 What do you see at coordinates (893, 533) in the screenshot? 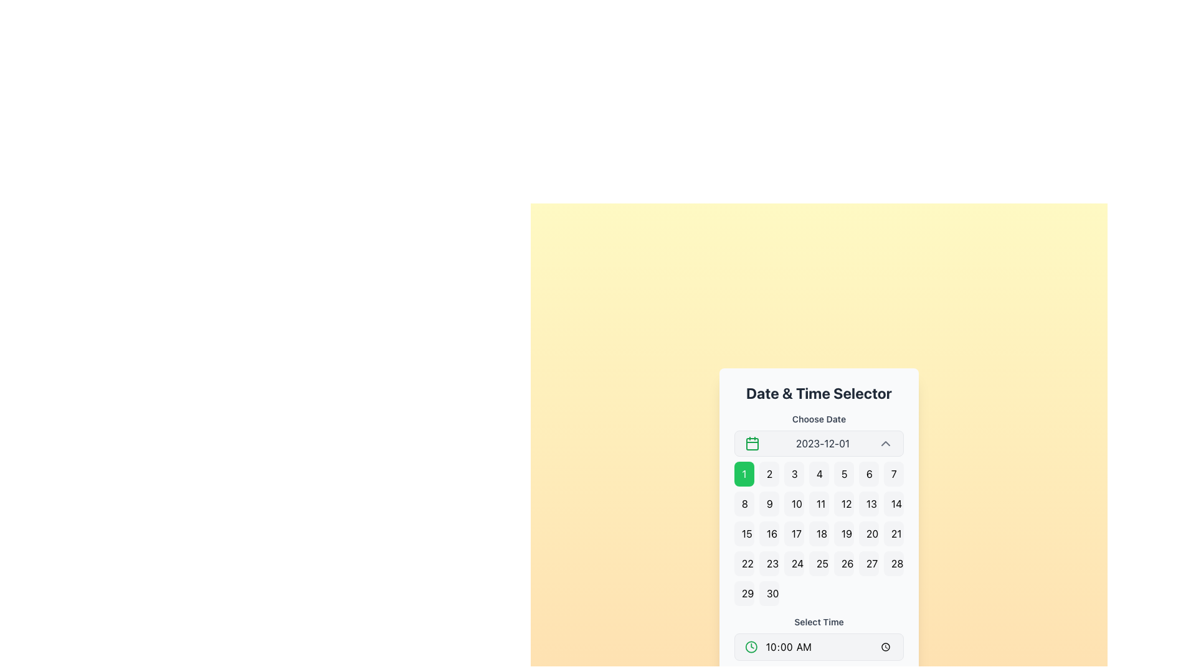
I see `the button labeled '21' with a light gray background located in the third row and seventh column of the date selector grid` at bounding box center [893, 533].